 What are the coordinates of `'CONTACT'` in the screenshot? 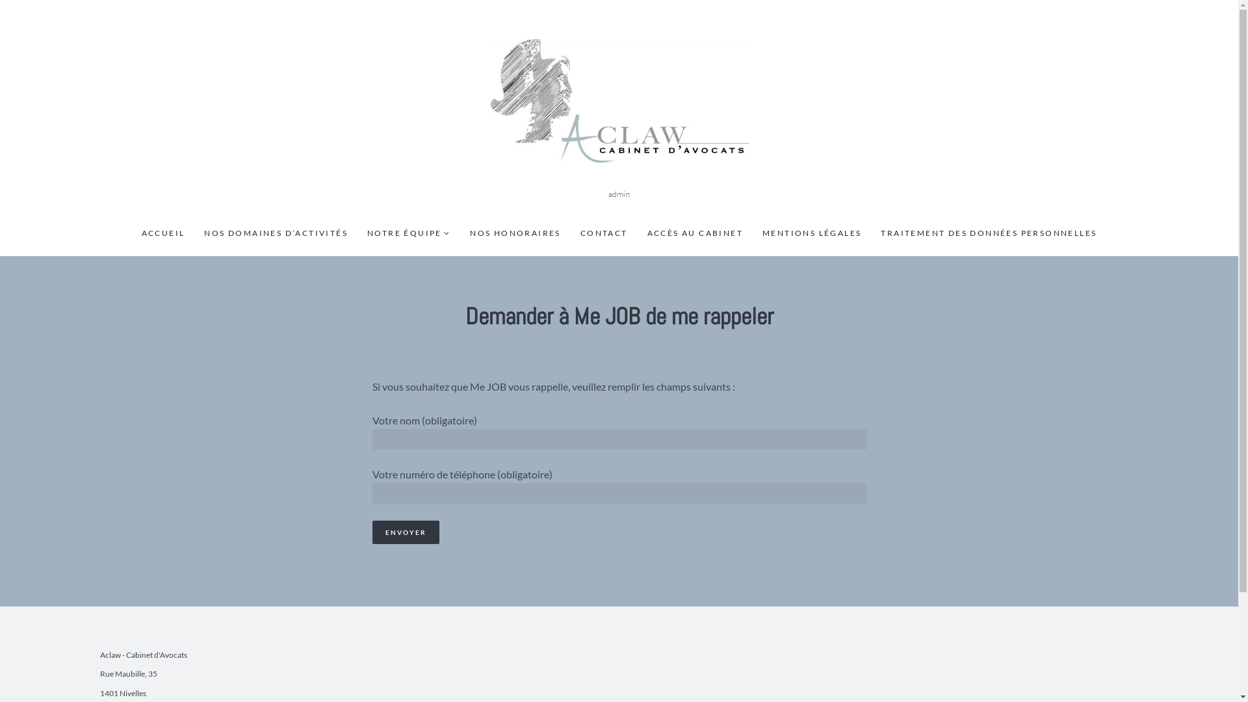 It's located at (603, 232).